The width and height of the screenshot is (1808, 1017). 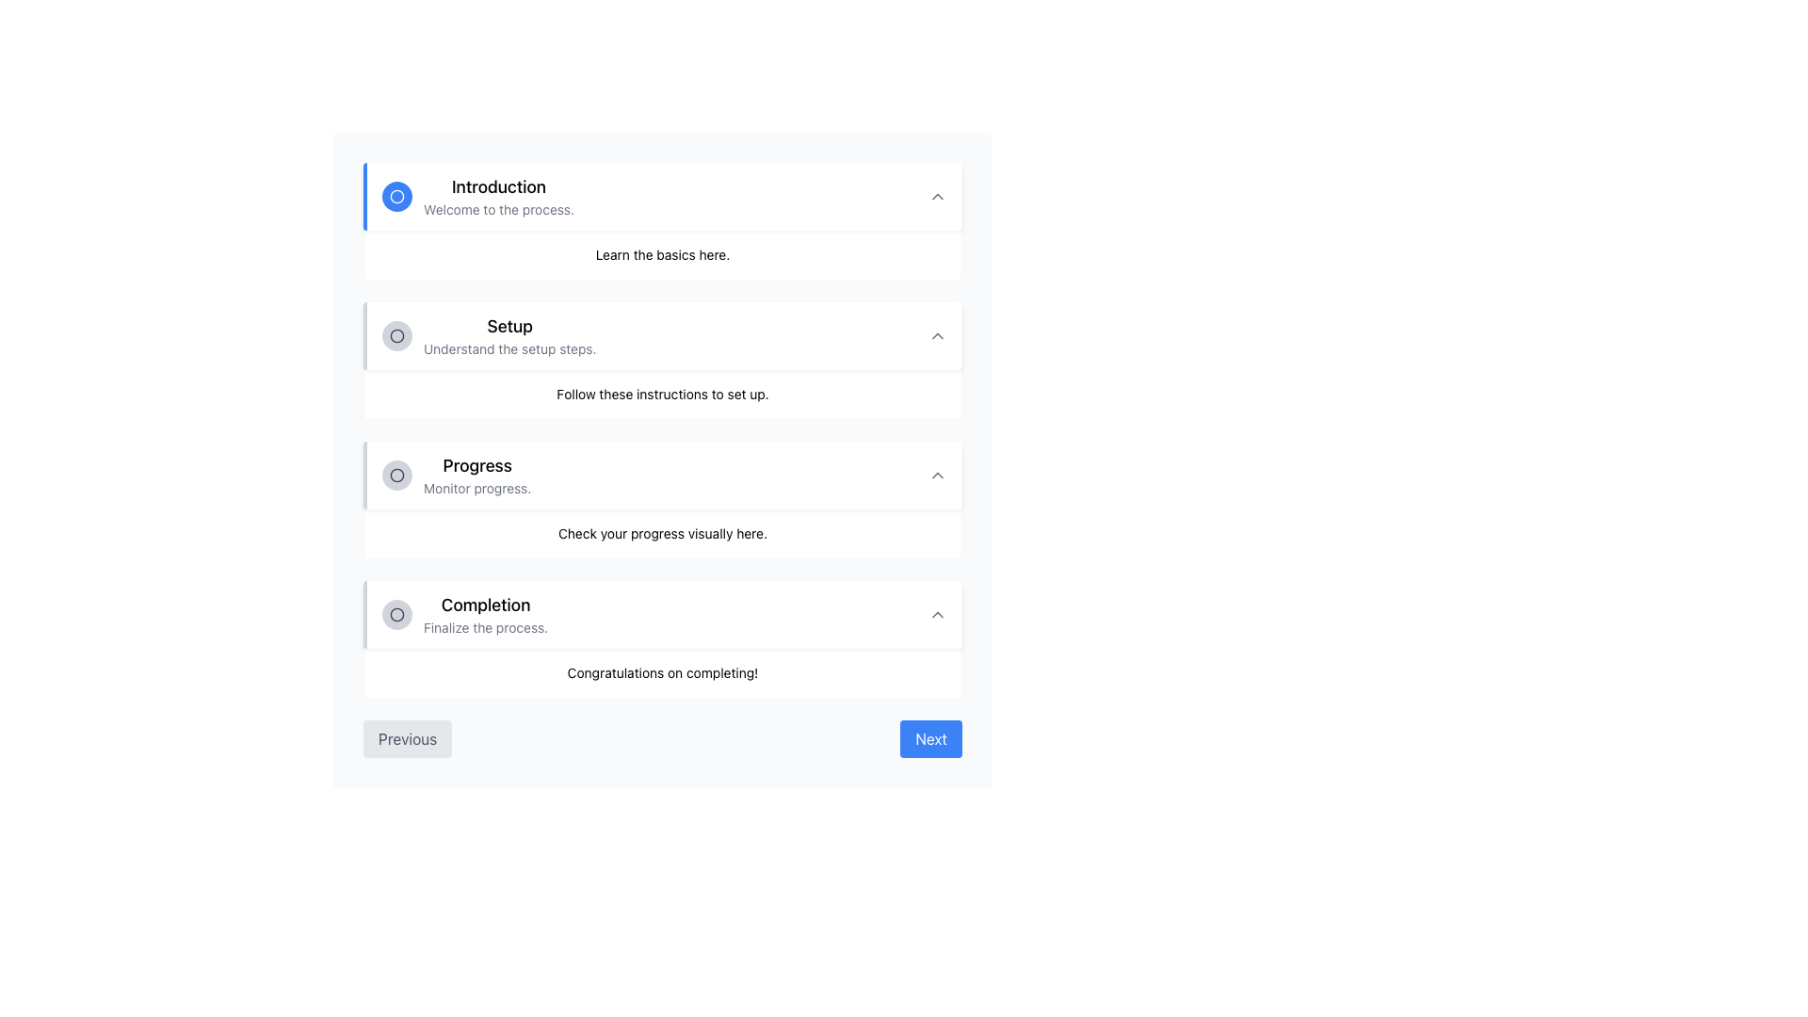 I want to click on instructions from the text box located in the 'Setup' section below the header 'Understand the setup steps.', so click(x=663, y=394).